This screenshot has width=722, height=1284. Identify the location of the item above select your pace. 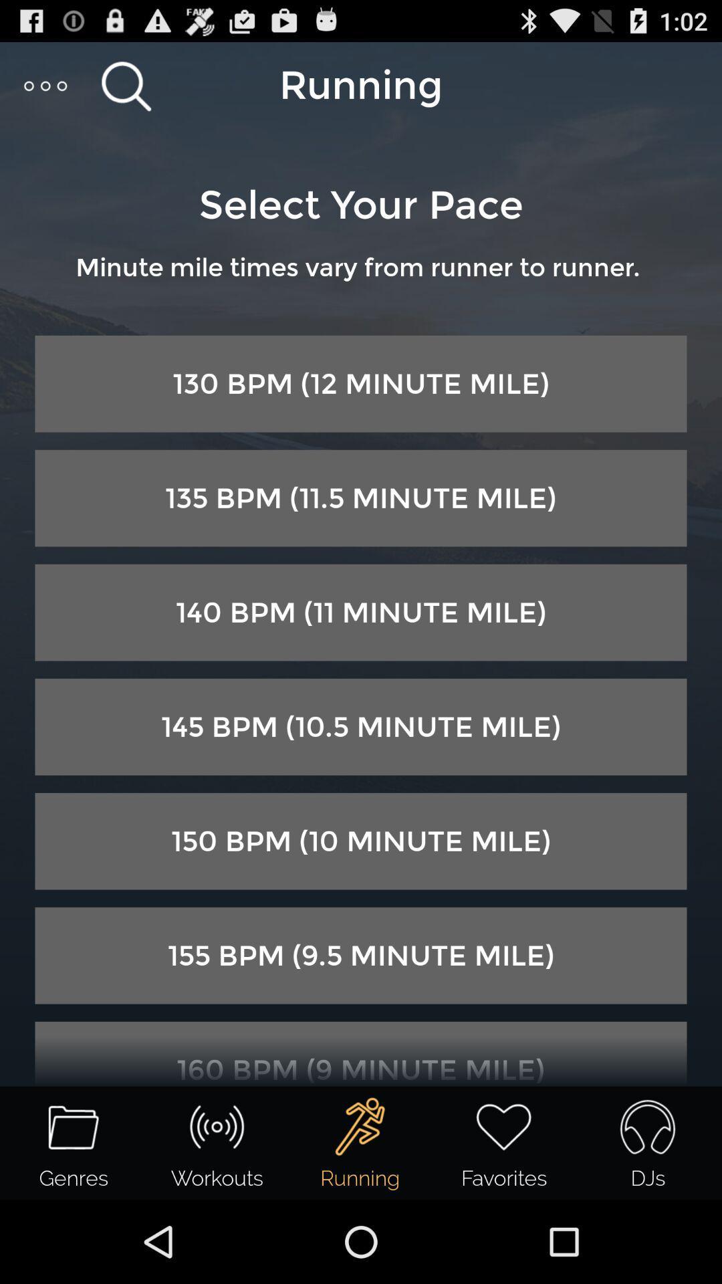
(45, 85).